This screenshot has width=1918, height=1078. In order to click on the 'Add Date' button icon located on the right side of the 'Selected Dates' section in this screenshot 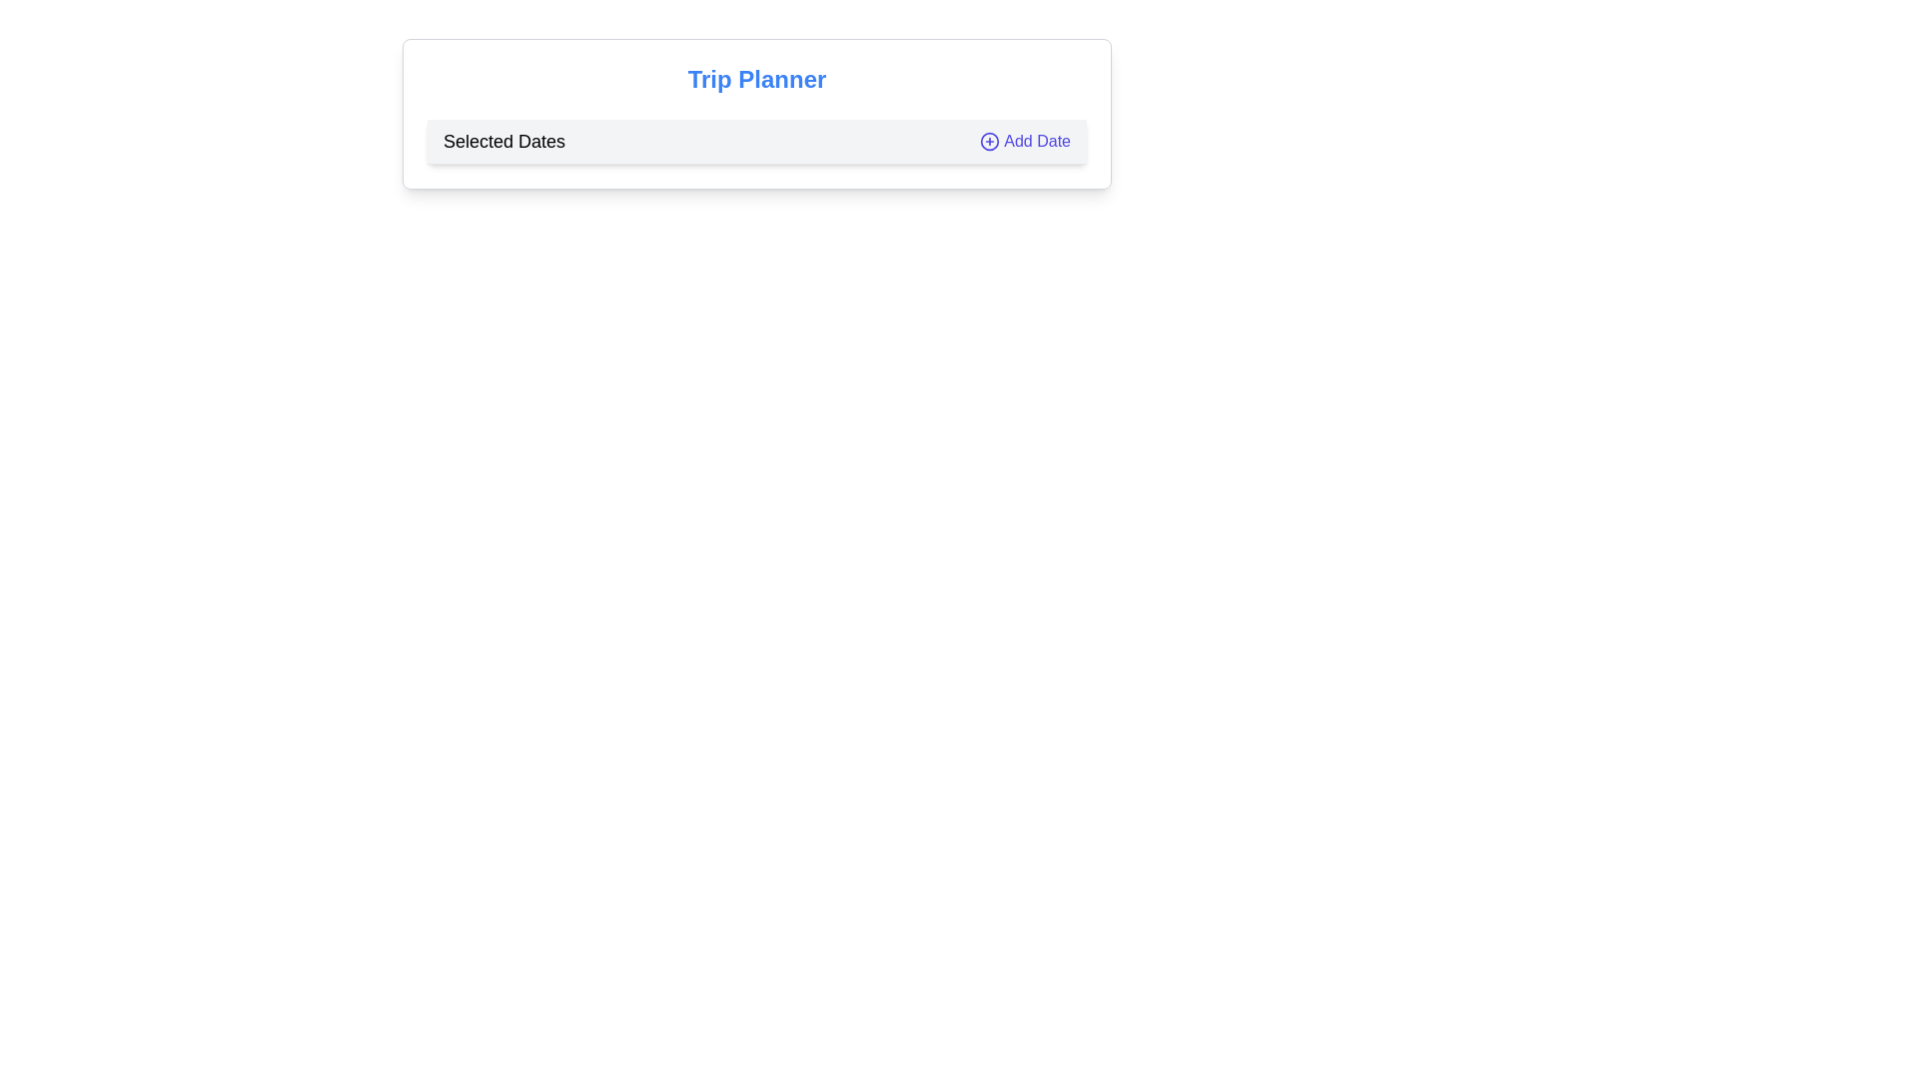, I will do `click(990, 141)`.